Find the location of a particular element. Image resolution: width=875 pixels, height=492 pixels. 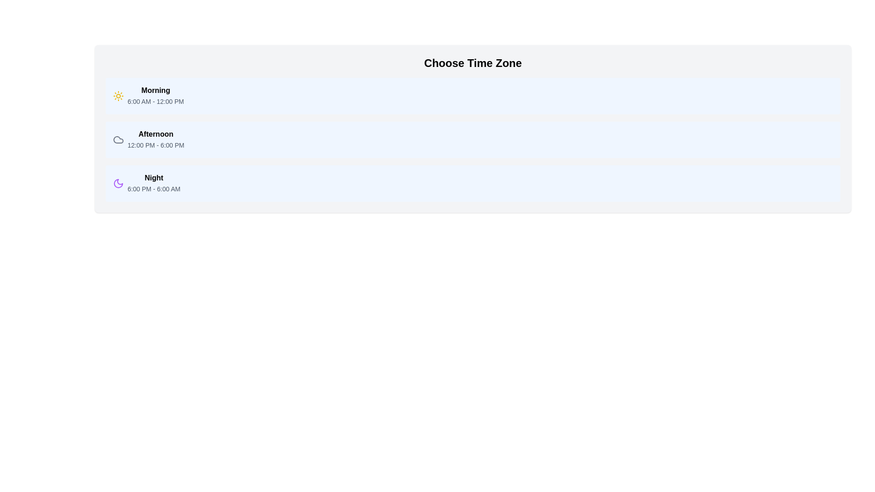

the 'Night' selectable time slot block that spans from 6:00 PM to 6:00 AM is located at coordinates (473, 183).